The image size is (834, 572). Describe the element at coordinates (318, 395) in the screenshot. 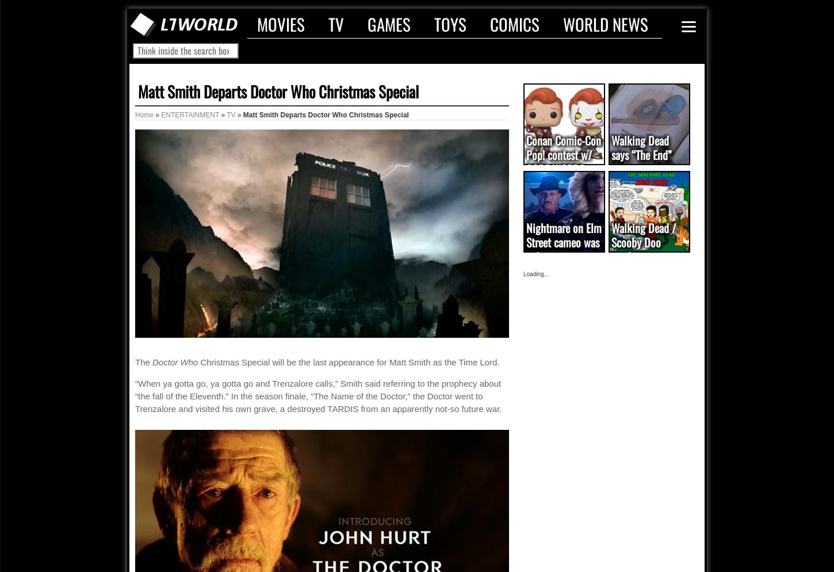

I see `'“When ya gotta go, ya gotta go and Trenzalore calls,” Smith said referring to the prophecy about “the fall of the Eleventh.” In the season finale, “The Name of the Doctor,” the Doctor went to Trenzalore and visited his own grave, a destroyed TARDIS from an apparently not-so future war.'` at that location.